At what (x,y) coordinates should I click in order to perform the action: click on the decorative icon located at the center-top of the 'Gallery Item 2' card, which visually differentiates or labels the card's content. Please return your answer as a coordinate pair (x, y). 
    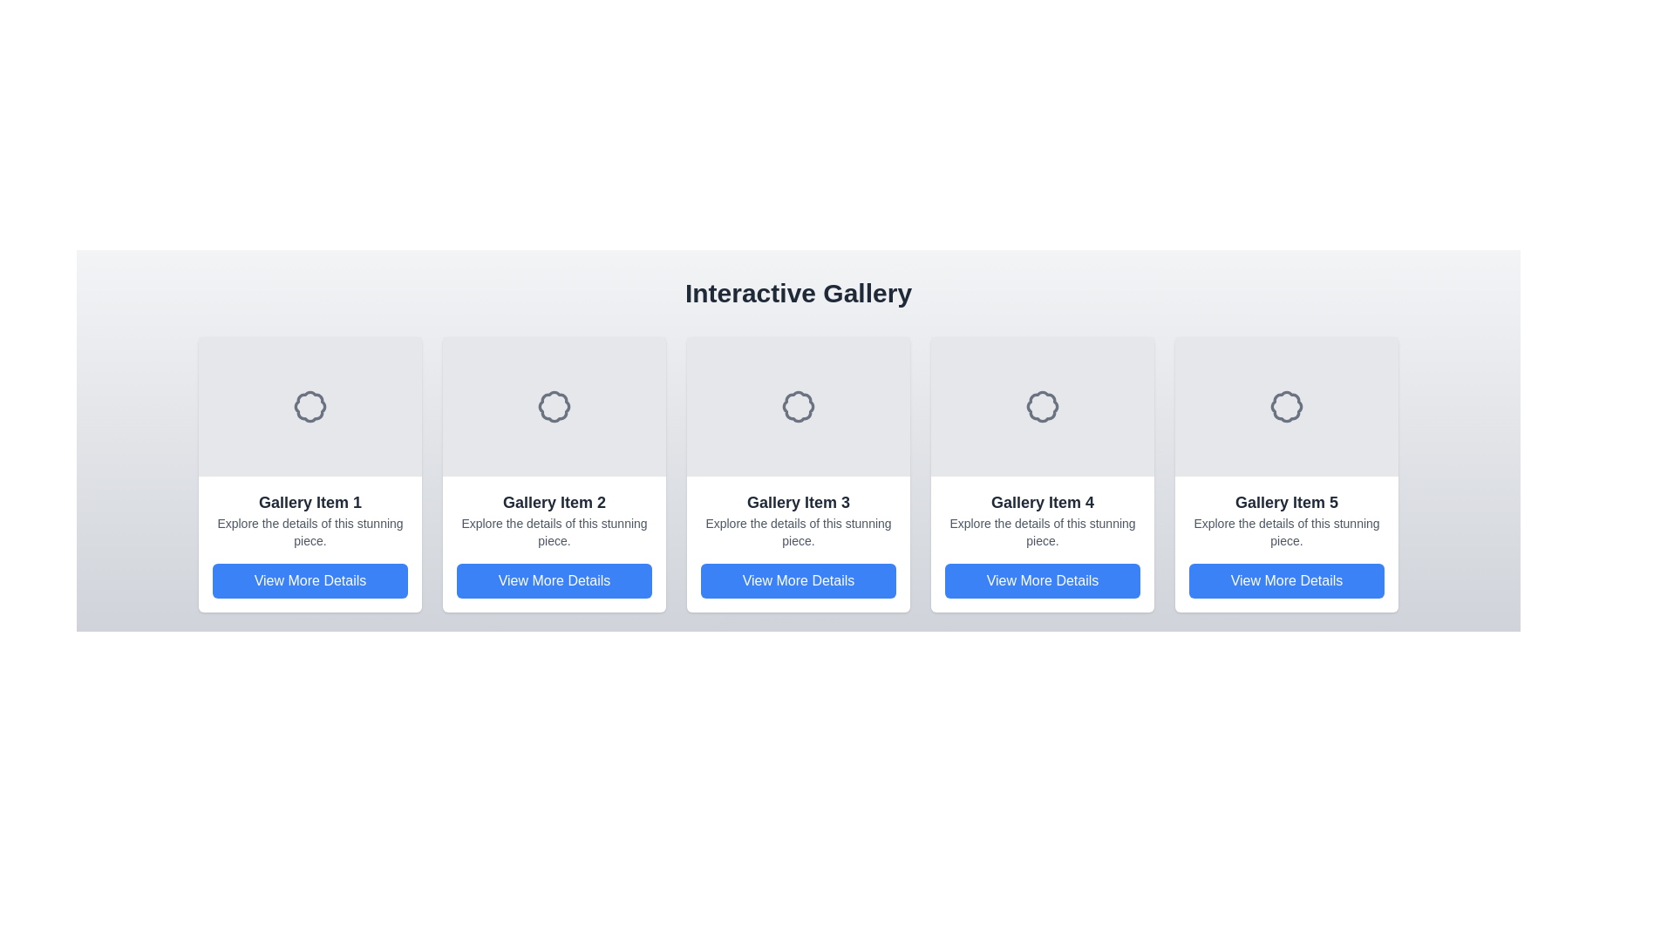
    Looking at the image, I should click on (553, 406).